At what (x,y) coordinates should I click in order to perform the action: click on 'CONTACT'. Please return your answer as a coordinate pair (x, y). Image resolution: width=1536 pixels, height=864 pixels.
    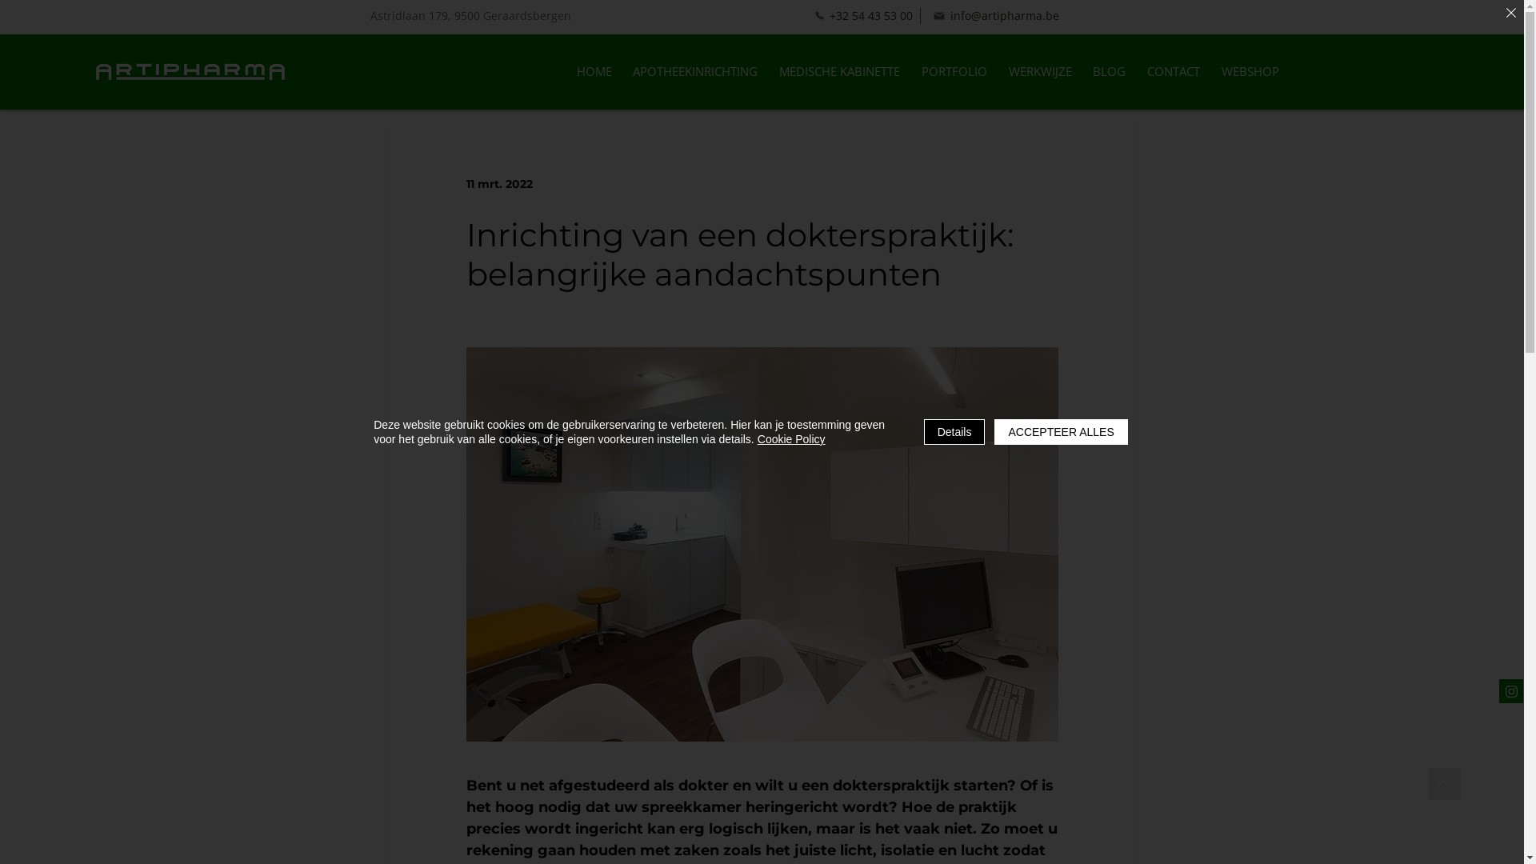
    Looking at the image, I should click on (1174, 70).